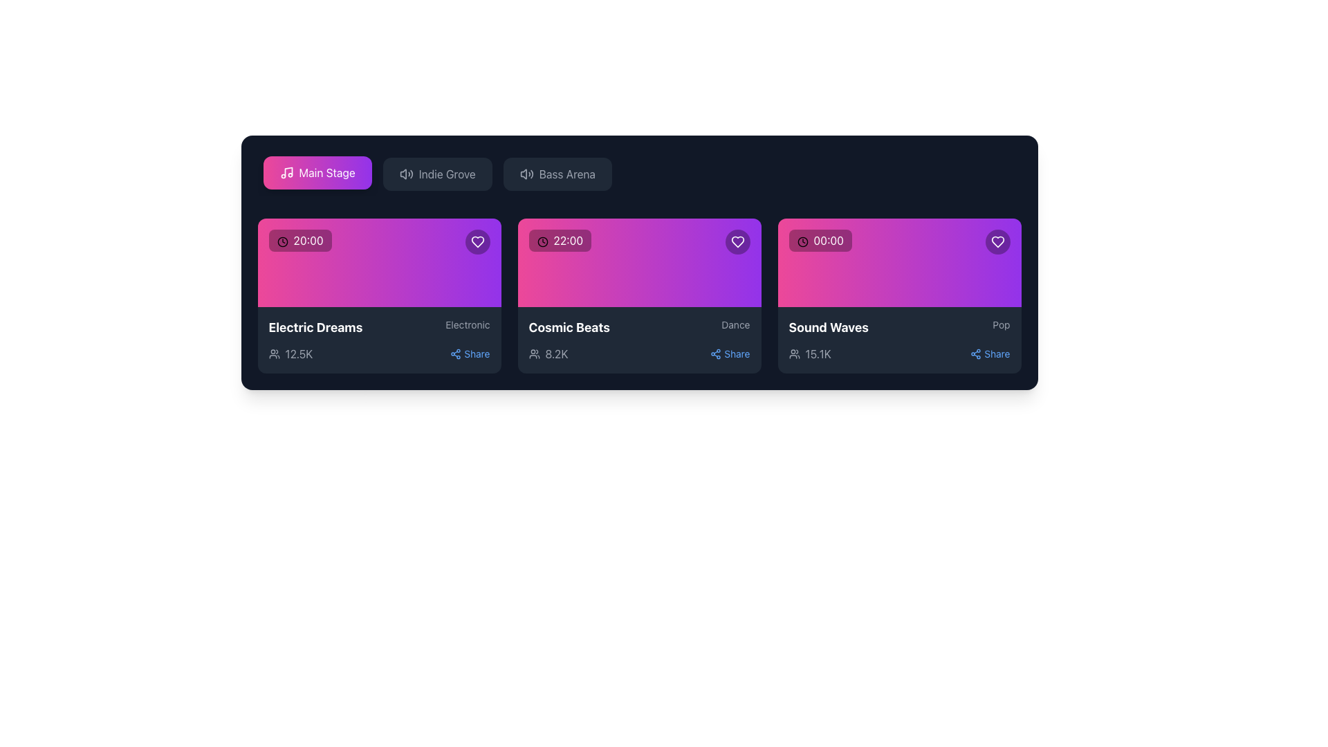 This screenshot has width=1328, height=747. What do you see at coordinates (829, 239) in the screenshot?
I see `the static text label displaying '00:00' in white color, located in the upper-left section of the 'Sound Waves' card, adjacent to a clock icon` at bounding box center [829, 239].